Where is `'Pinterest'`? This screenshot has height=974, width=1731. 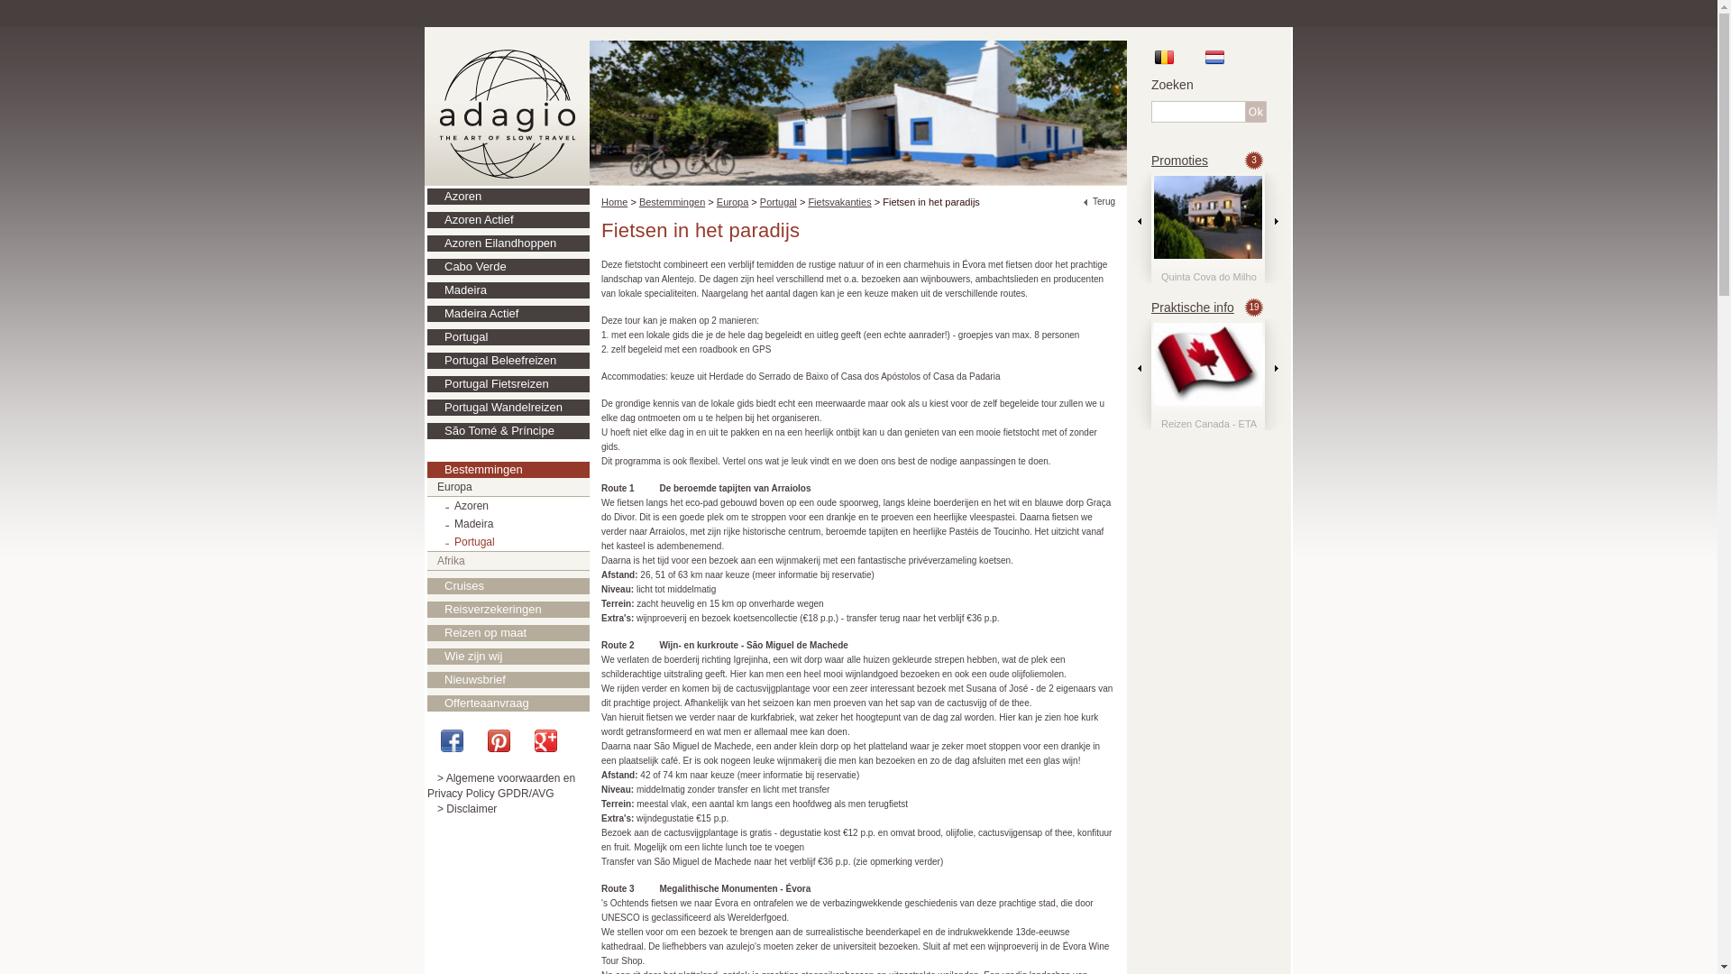
'Pinterest' is located at coordinates (506, 740).